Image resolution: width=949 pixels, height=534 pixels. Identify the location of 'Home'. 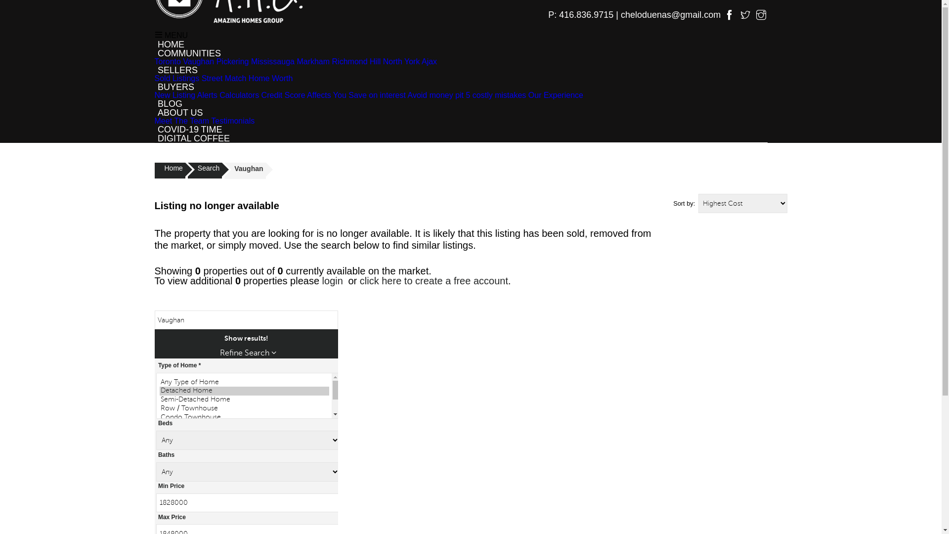
(154, 170).